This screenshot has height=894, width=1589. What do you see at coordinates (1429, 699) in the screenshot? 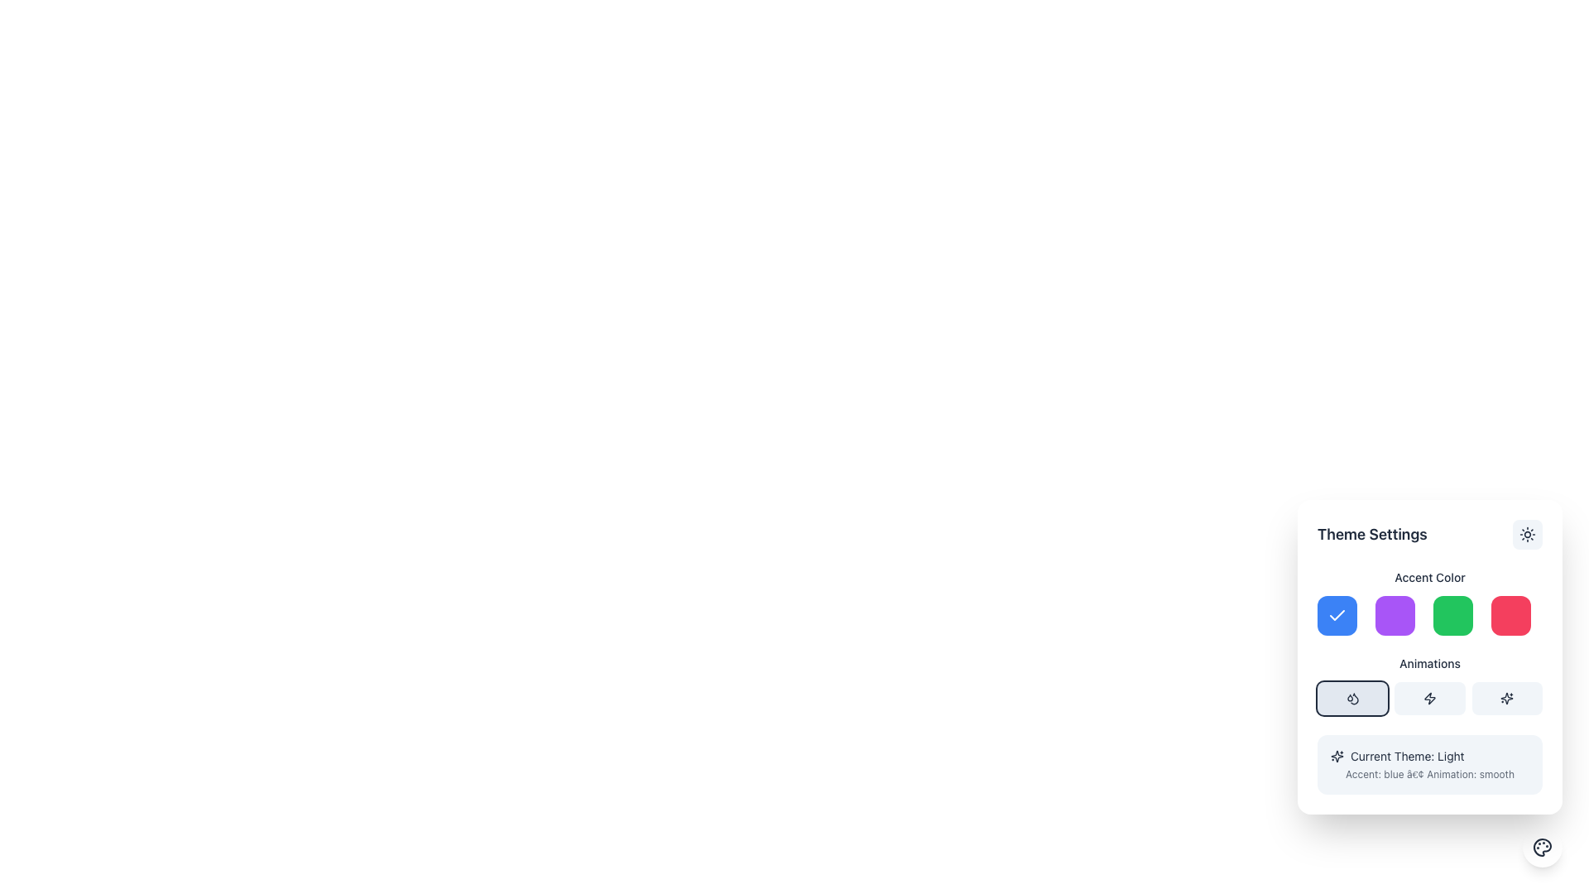
I see `the theme activation icon located in the 'Animations' section of the 'Theme Settings' card` at bounding box center [1429, 699].